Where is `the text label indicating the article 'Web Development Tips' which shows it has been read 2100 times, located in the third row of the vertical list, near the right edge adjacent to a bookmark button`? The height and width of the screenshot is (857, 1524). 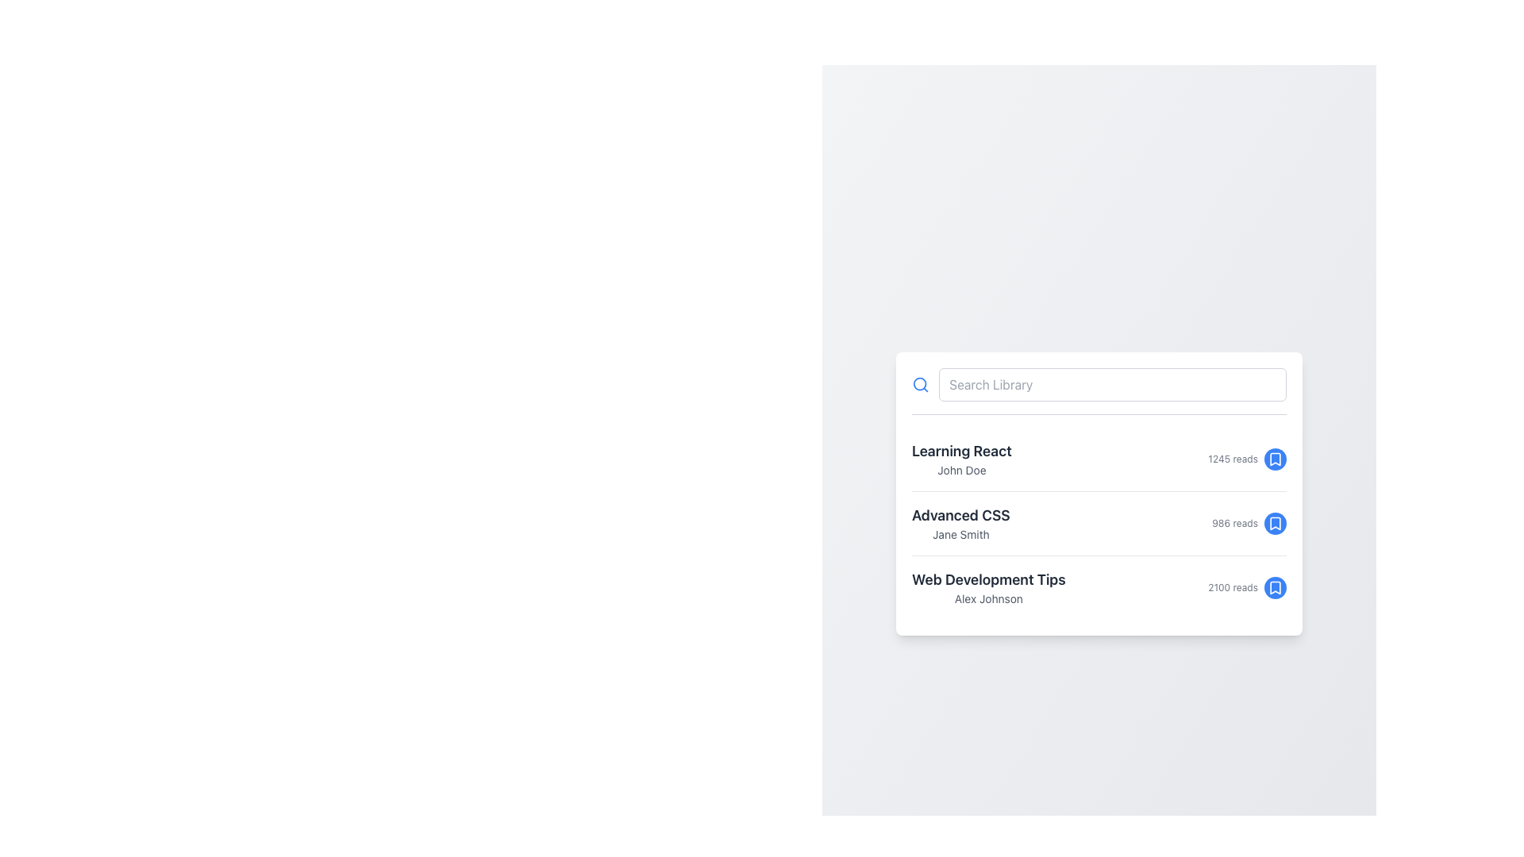
the text label indicating the article 'Web Development Tips' which shows it has been read 2100 times, located in the third row of the vertical list, near the right edge adjacent to a bookmark button is located at coordinates (1246, 587).